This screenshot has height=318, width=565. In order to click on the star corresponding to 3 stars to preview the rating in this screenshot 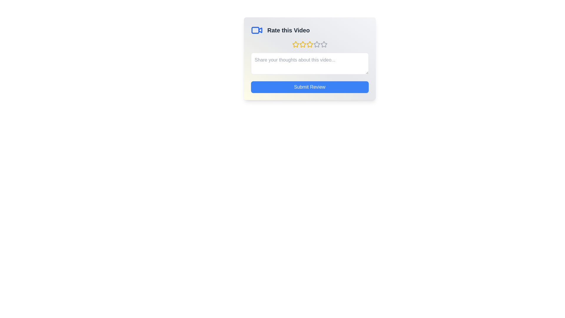, I will do `click(309, 44)`.